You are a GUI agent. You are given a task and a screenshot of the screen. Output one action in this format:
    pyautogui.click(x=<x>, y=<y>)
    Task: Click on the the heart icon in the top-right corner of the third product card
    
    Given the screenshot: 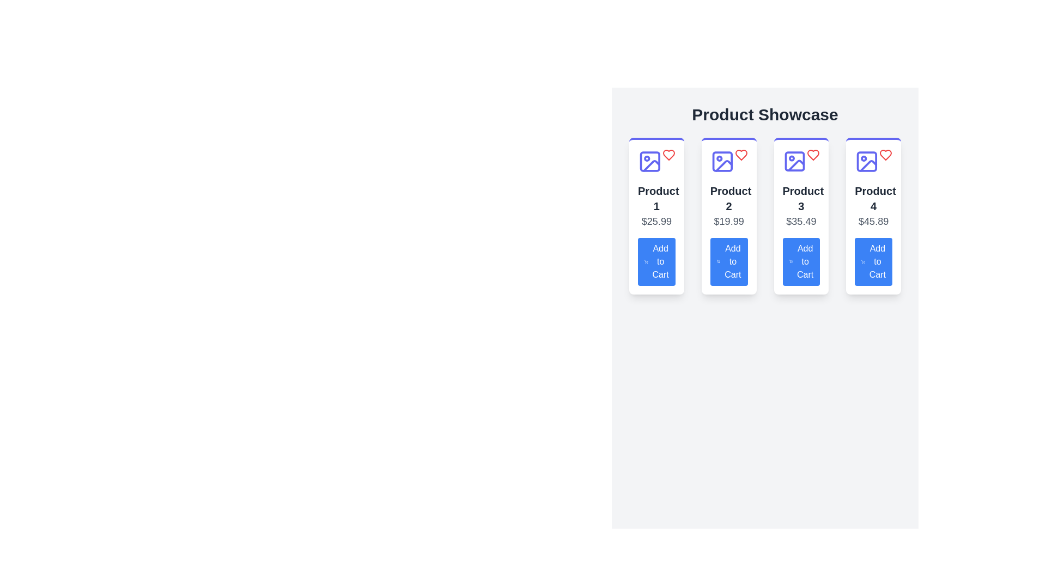 What is the action you would take?
    pyautogui.click(x=813, y=155)
    